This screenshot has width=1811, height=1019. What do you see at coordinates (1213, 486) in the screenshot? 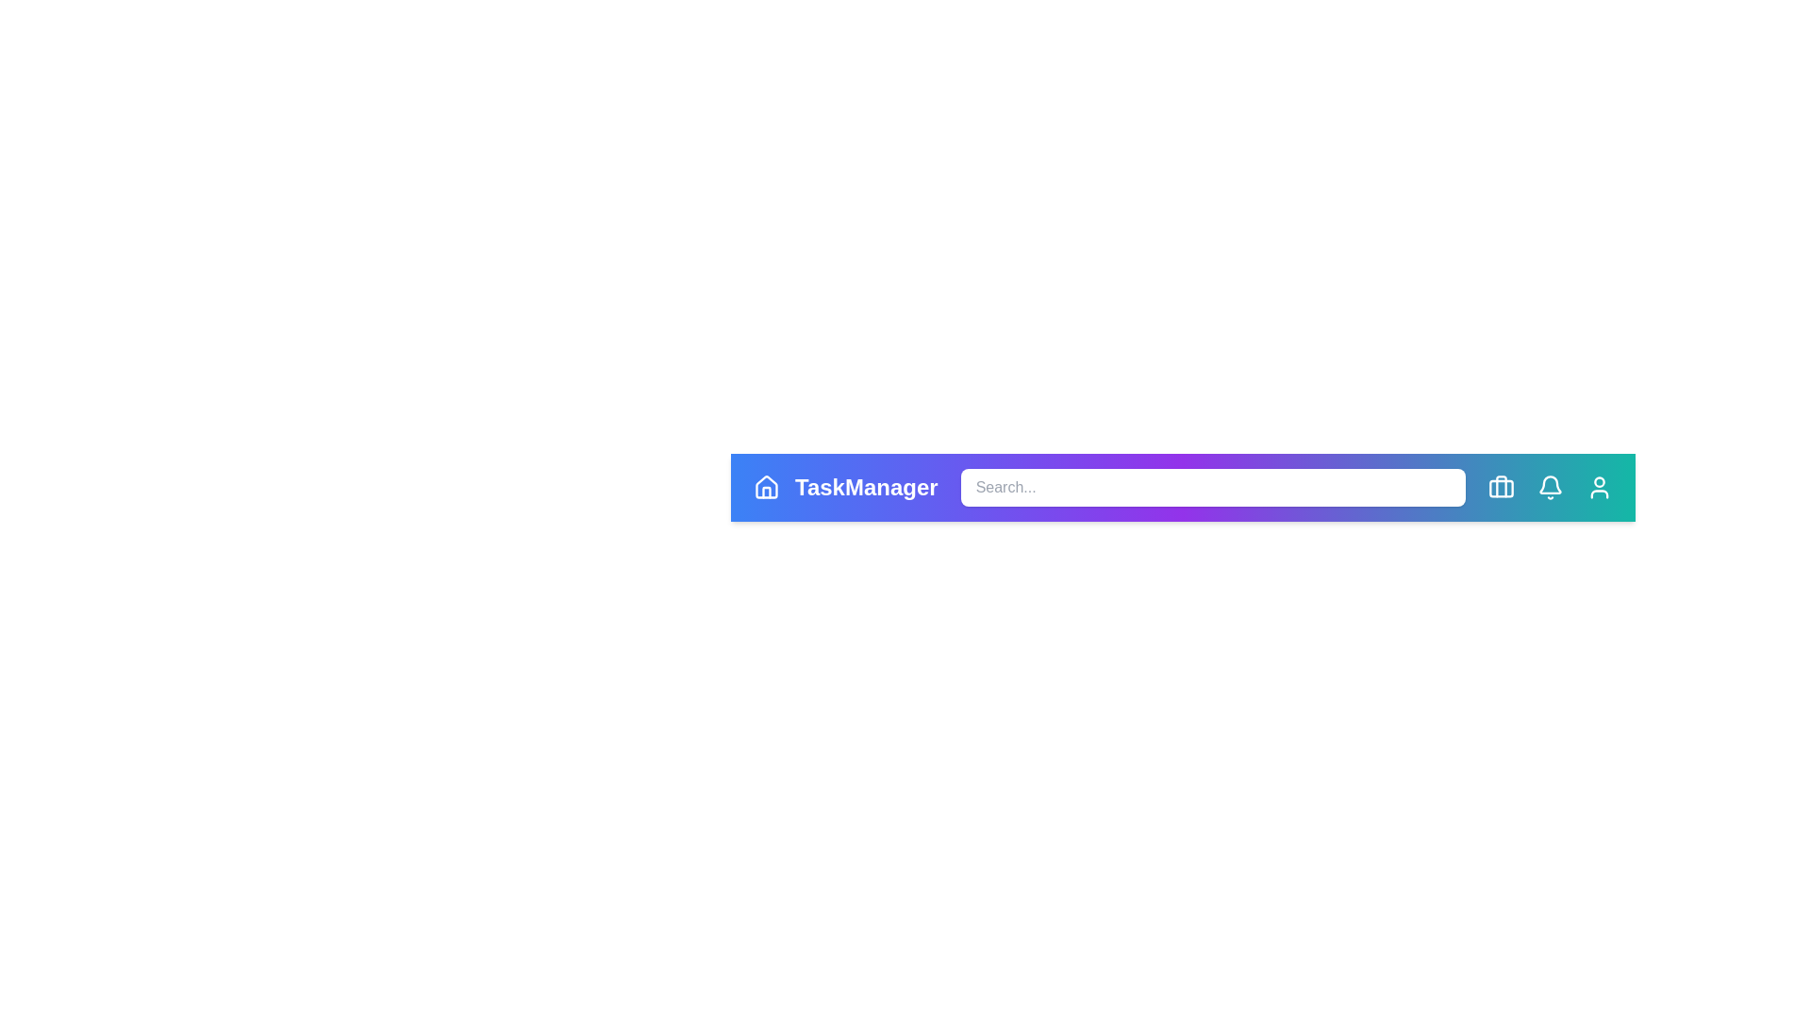
I see `the search bar and type the search query` at bounding box center [1213, 486].